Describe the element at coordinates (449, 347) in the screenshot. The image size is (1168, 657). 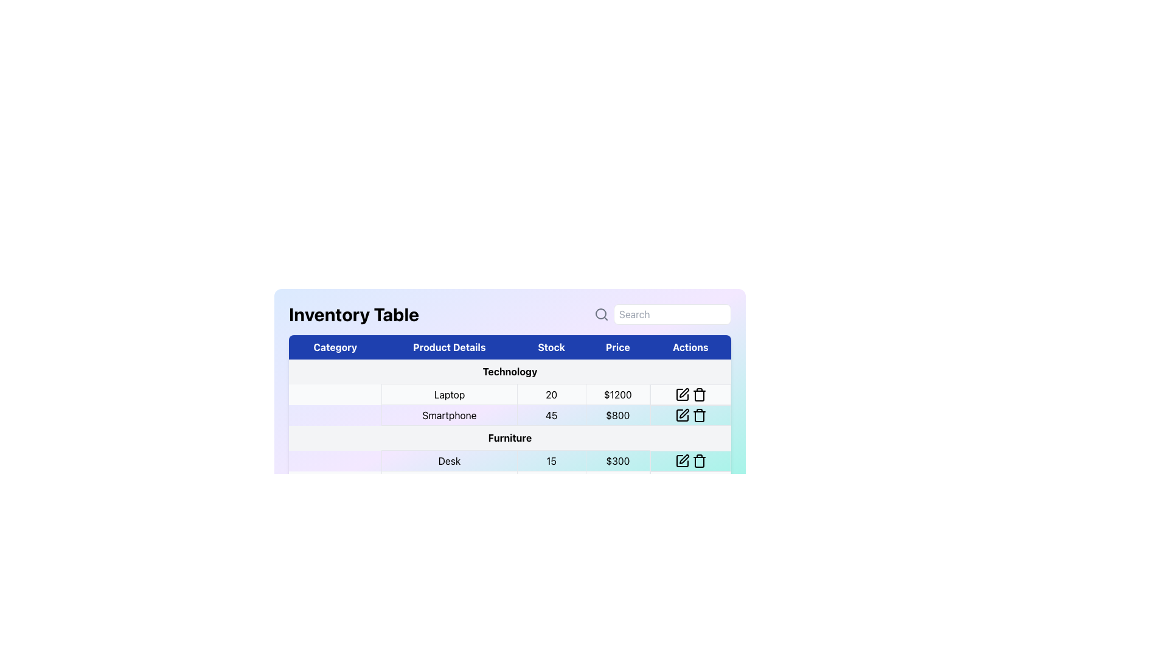
I see `the second column header in the table that indicates product details, positioned between 'Category' and 'Stock'` at that location.